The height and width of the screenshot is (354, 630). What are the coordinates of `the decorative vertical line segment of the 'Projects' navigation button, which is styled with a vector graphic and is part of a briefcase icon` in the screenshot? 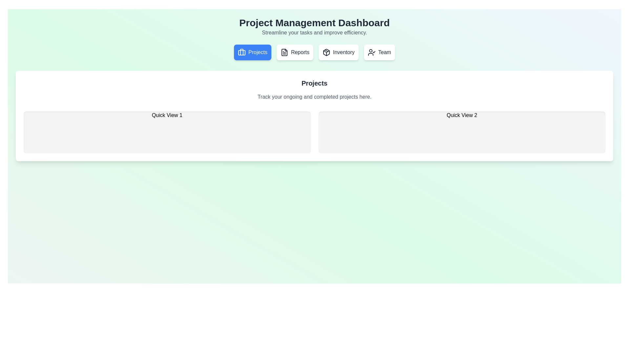 It's located at (241, 51).